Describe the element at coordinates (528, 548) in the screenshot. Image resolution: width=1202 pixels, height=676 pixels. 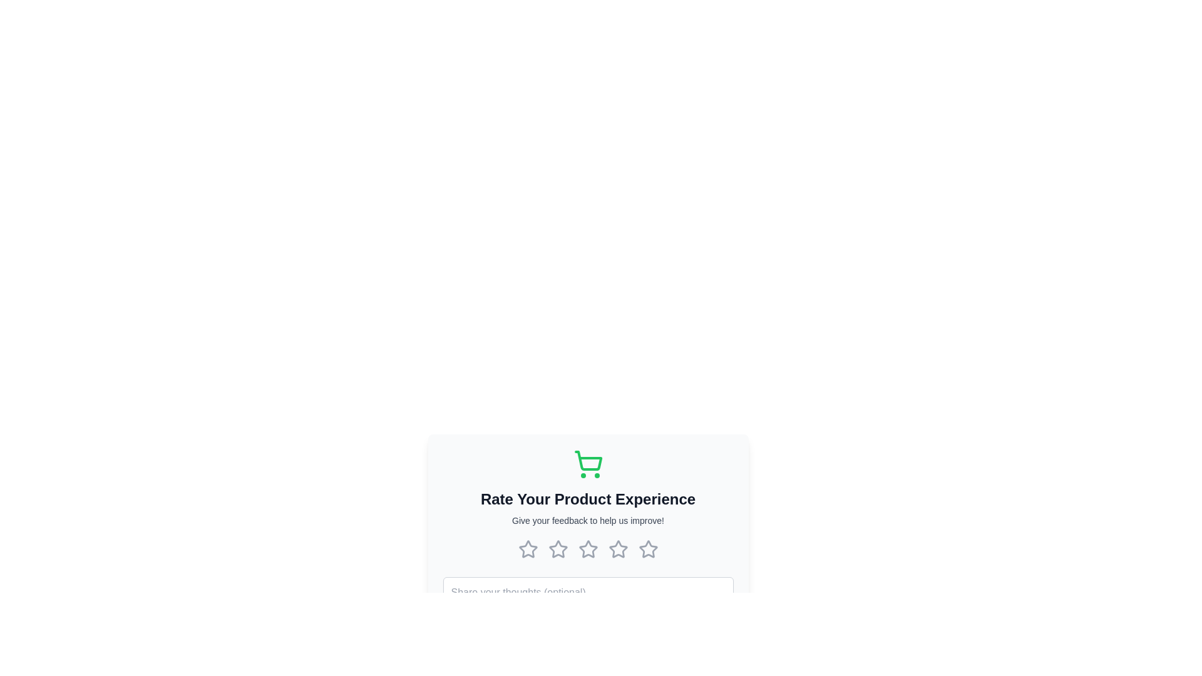
I see `the first Rating Star Icon, which is a hollow star-shaped icon styled in light gray` at that location.